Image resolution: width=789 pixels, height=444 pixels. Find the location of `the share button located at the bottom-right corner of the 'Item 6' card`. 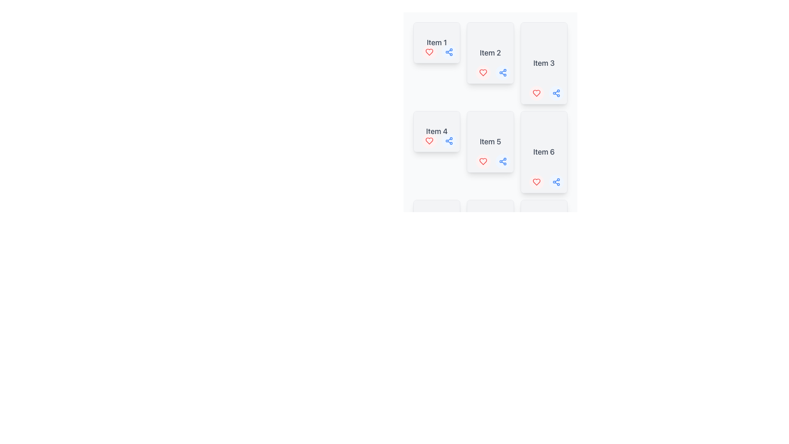

the share button located at the bottom-right corner of the 'Item 6' card is located at coordinates (556, 182).